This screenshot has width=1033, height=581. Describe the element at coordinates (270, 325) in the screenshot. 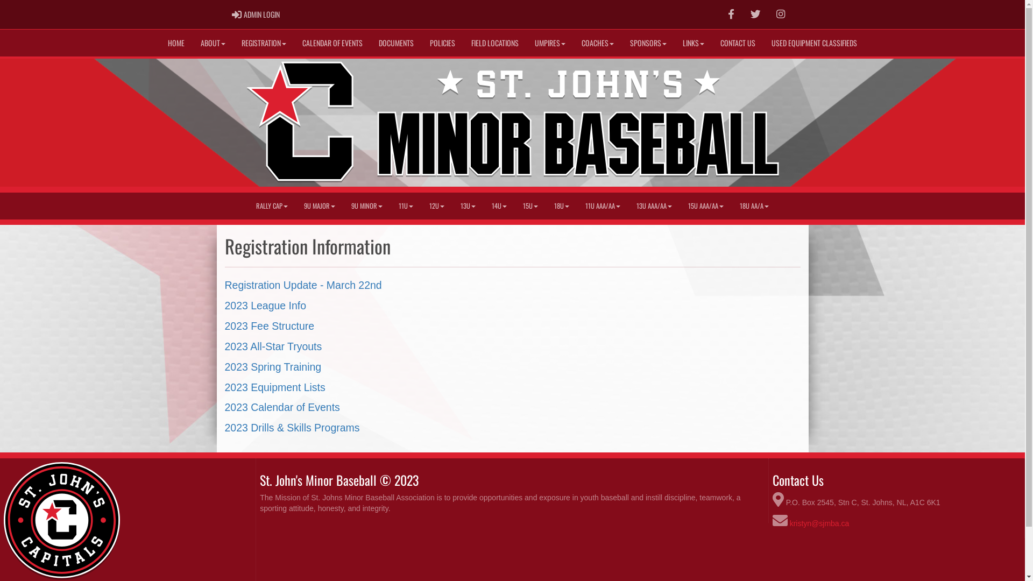

I see `'2023 Fee Structure'` at that location.